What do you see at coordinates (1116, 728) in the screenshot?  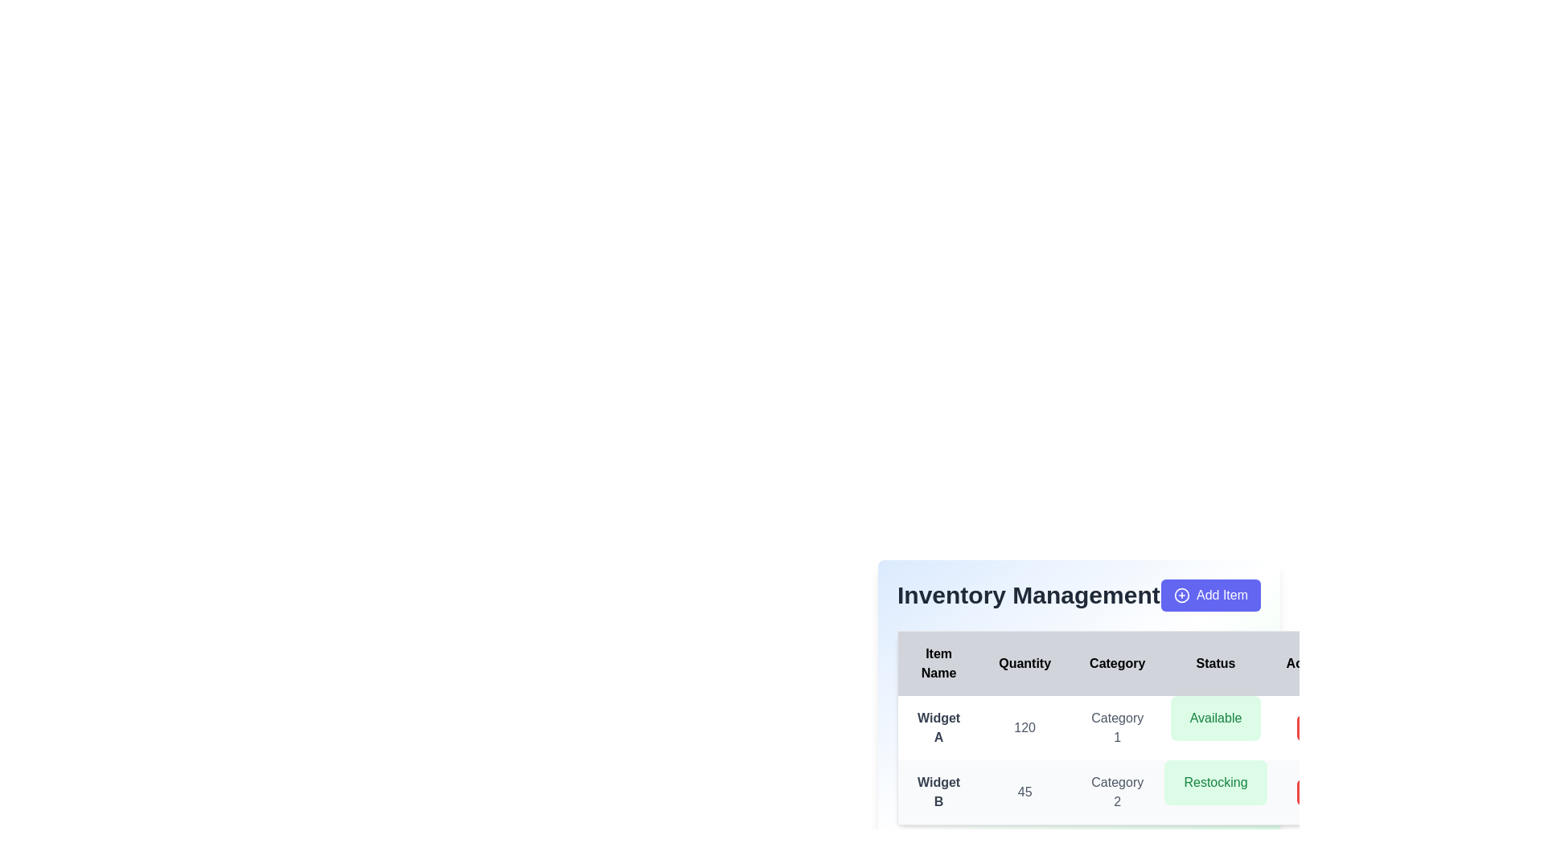 I see `the 'Category 1' text label displayed in gray font within the data table's first row, third column, adjacent to the '120' quantity and 'Available' status cells` at bounding box center [1116, 728].